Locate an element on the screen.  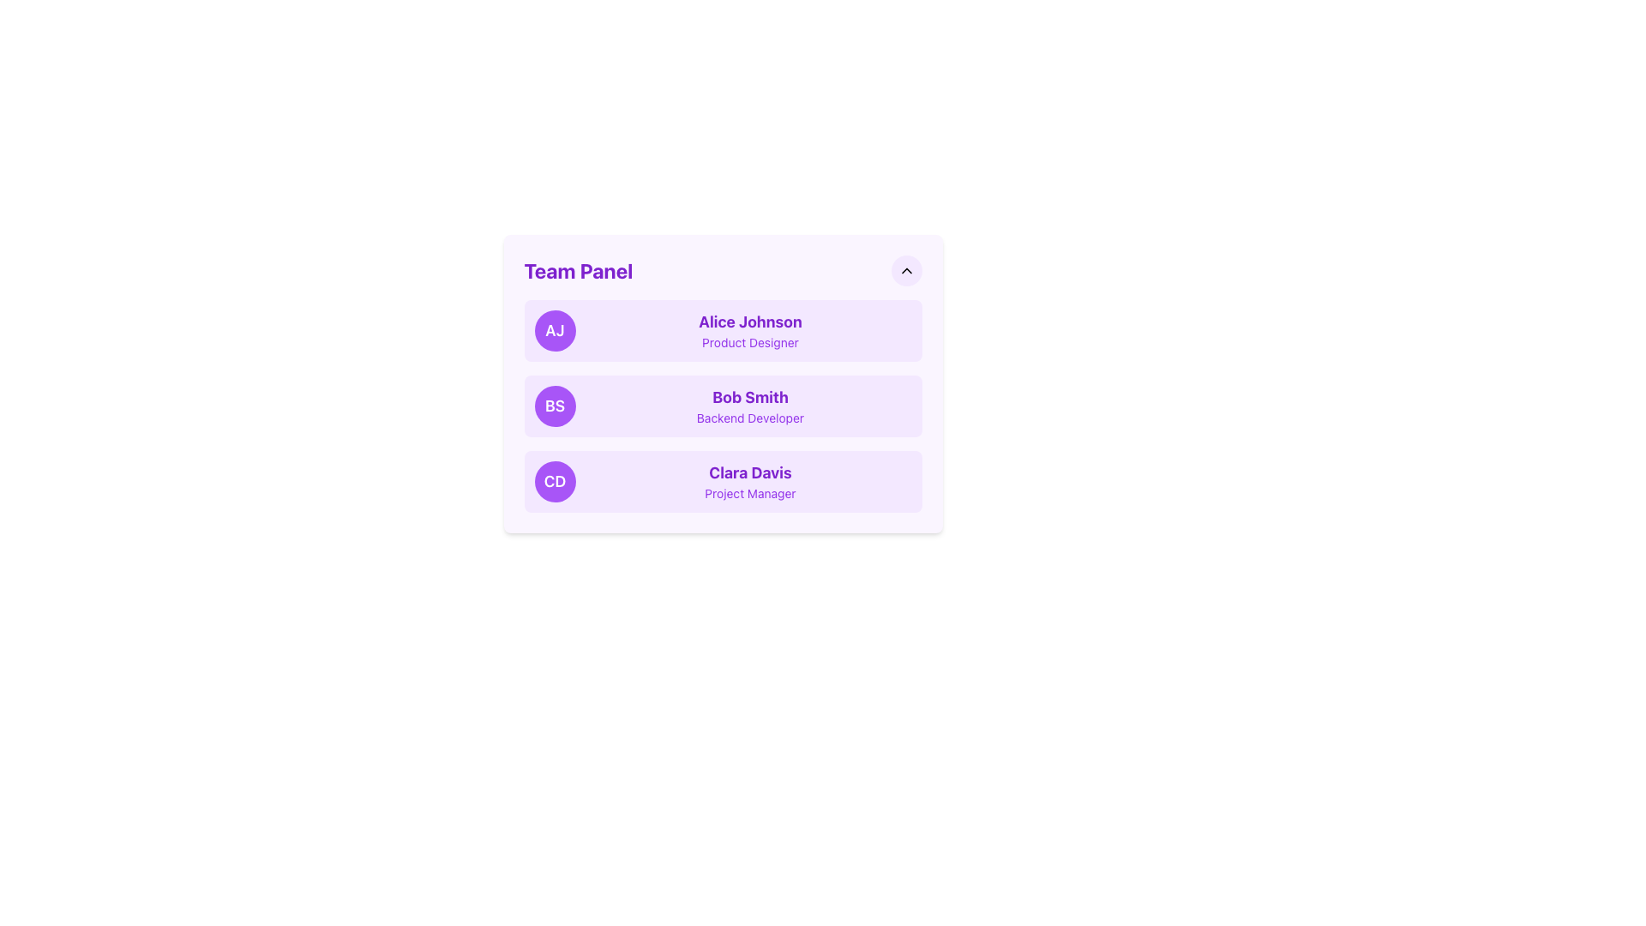
the left-most circular avatar for user 'Bob Smith' in the second row of the Team Panel is located at coordinates (555, 406).